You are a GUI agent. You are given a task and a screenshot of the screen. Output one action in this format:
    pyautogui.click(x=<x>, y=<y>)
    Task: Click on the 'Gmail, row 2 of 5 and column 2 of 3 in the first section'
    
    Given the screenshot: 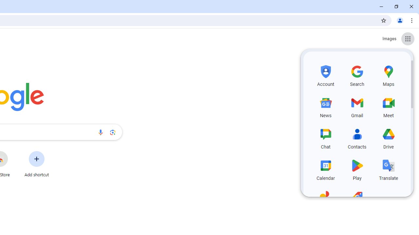 What is the action you would take?
    pyautogui.click(x=357, y=106)
    